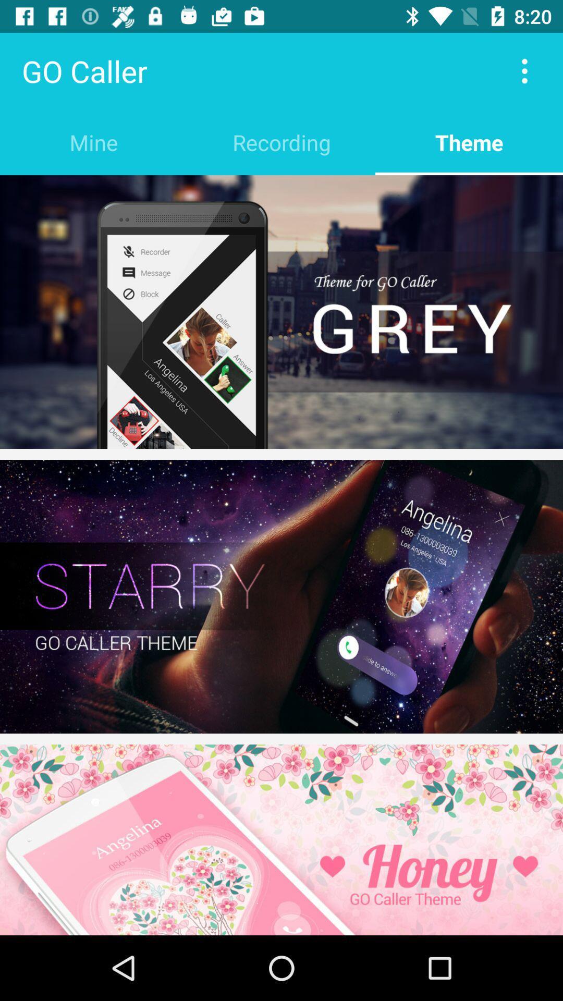 The height and width of the screenshot is (1001, 563). What do you see at coordinates (281, 311) in the screenshot?
I see `cell theme` at bounding box center [281, 311].